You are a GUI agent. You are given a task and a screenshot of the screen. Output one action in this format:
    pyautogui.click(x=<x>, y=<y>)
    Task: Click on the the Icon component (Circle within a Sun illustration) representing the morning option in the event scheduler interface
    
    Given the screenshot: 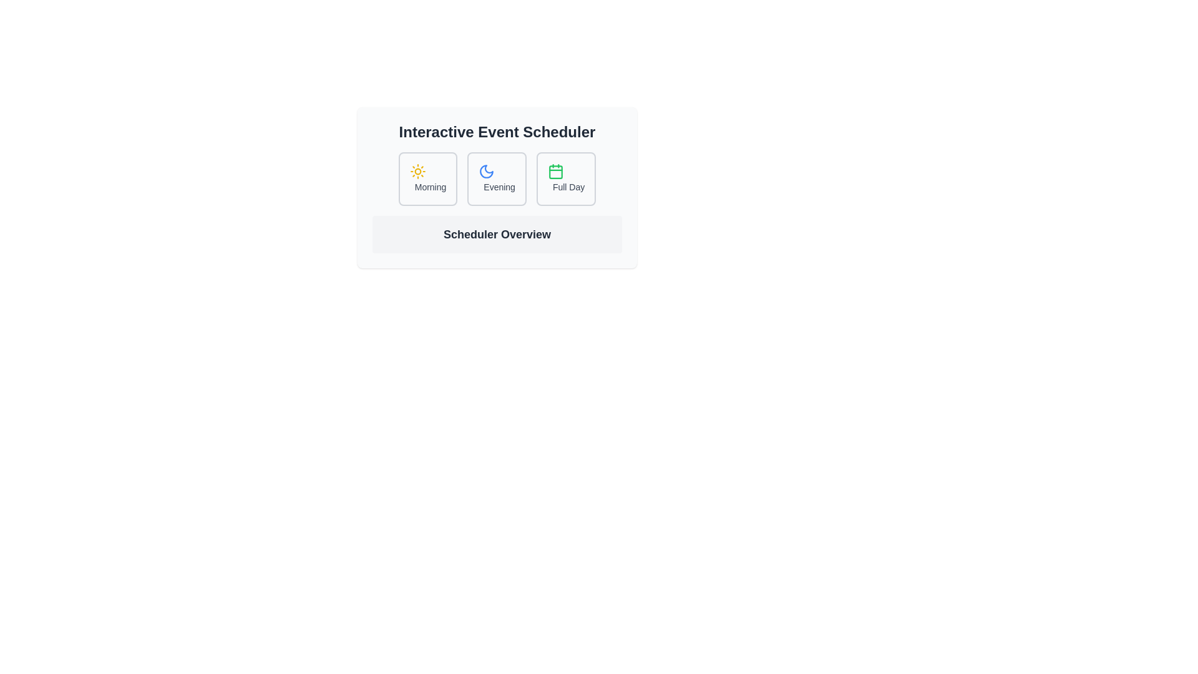 What is the action you would take?
    pyautogui.click(x=417, y=171)
    